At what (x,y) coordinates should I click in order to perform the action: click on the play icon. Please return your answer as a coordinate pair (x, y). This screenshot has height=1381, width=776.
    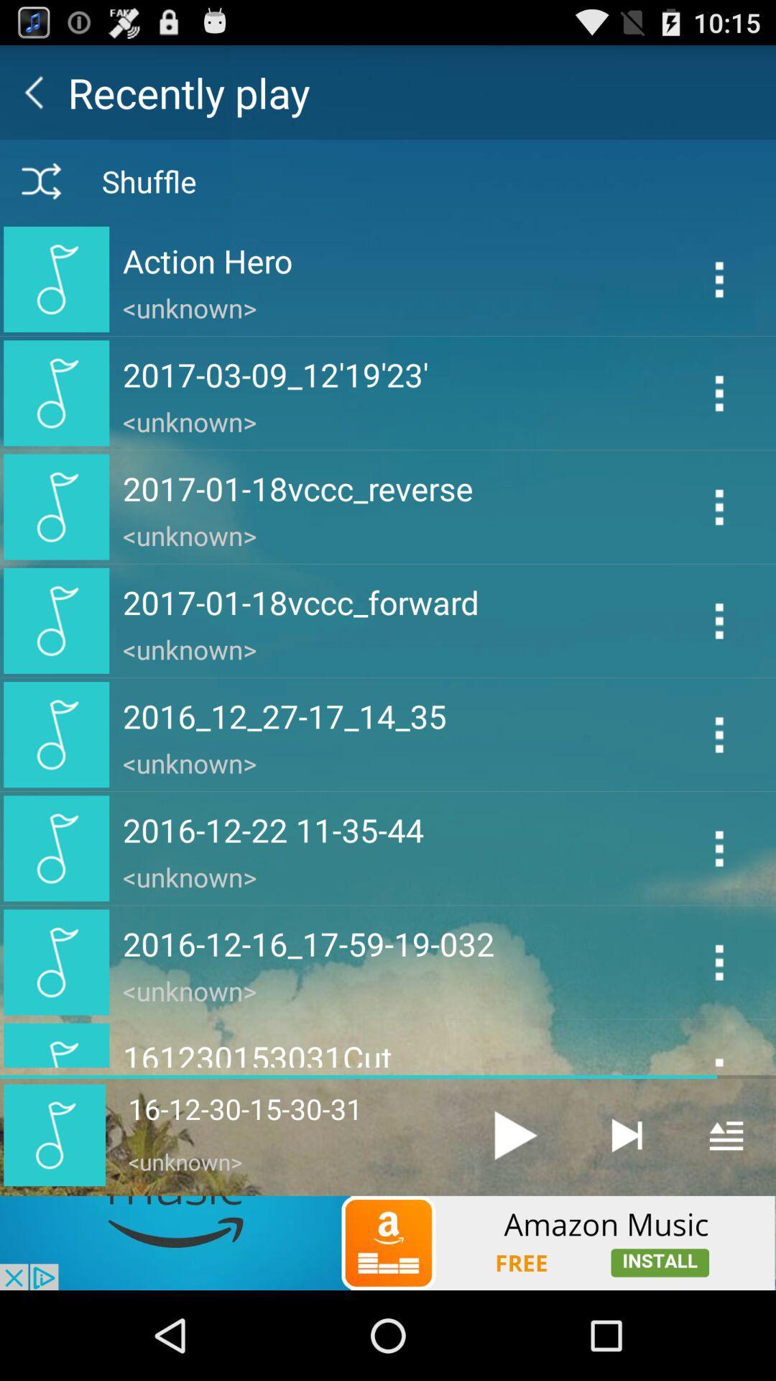
    Looking at the image, I should click on (514, 1214).